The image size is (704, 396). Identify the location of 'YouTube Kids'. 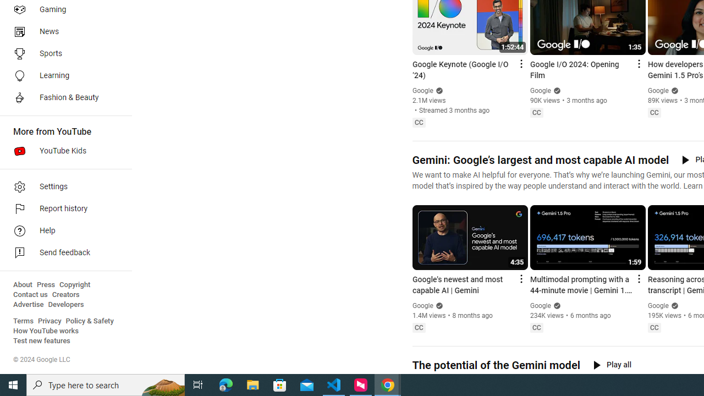
(62, 151).